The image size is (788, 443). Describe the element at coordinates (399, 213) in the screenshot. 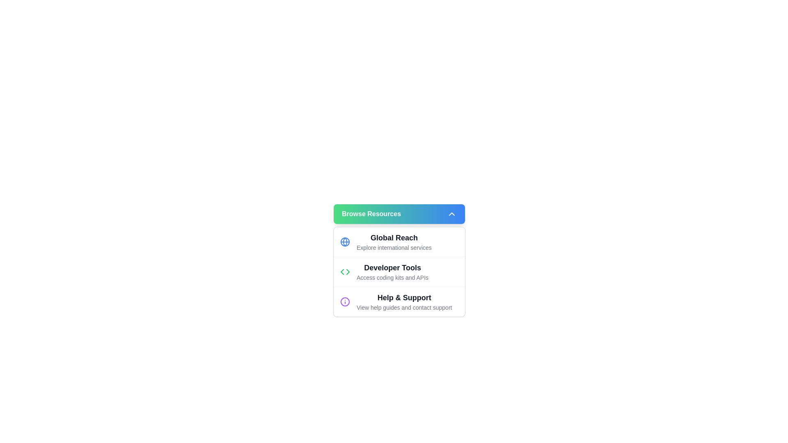

I see `the dropdown button located at the top of the dropdown menu` at that location.